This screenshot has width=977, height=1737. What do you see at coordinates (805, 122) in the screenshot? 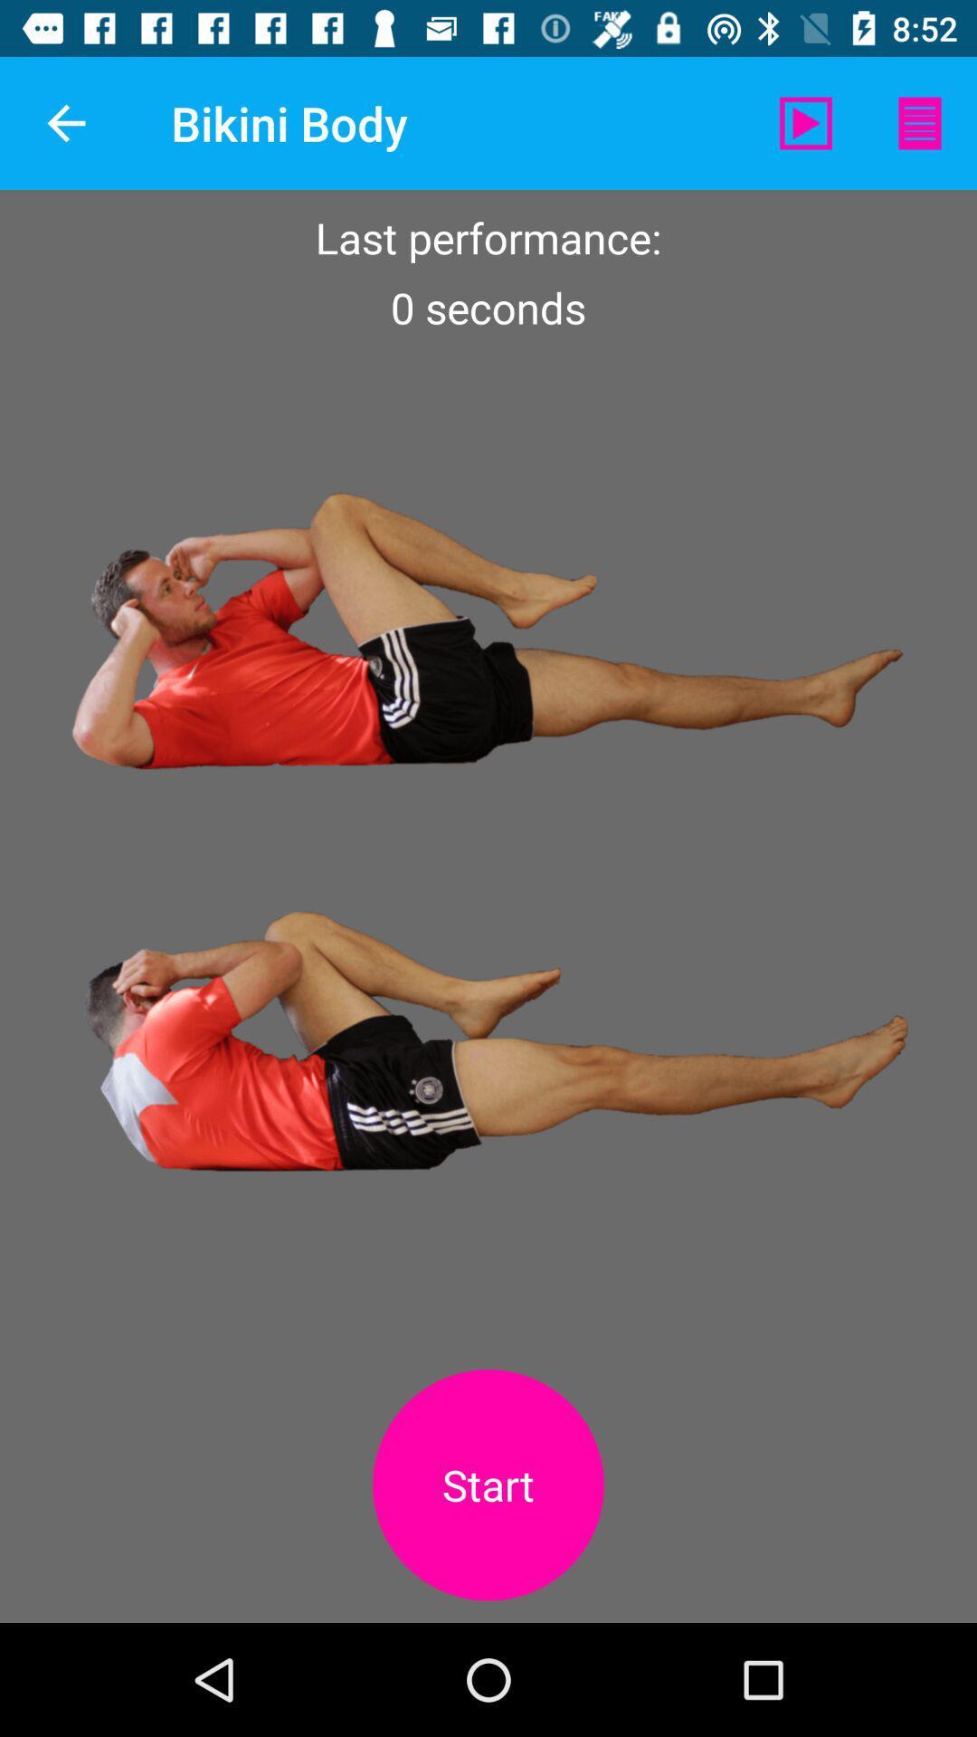
I see `the app next to bikini body item` at bounding box center [805, 122].